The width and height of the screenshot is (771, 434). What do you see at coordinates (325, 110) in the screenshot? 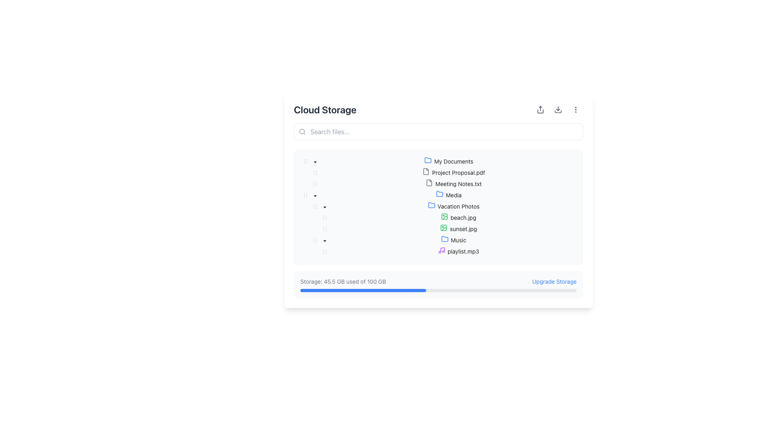
I see `the 'Cloud Storage' text label, which is prominently displayed at the top left of the interface in a bold, dark gray font` at bounding box center [325, 110].